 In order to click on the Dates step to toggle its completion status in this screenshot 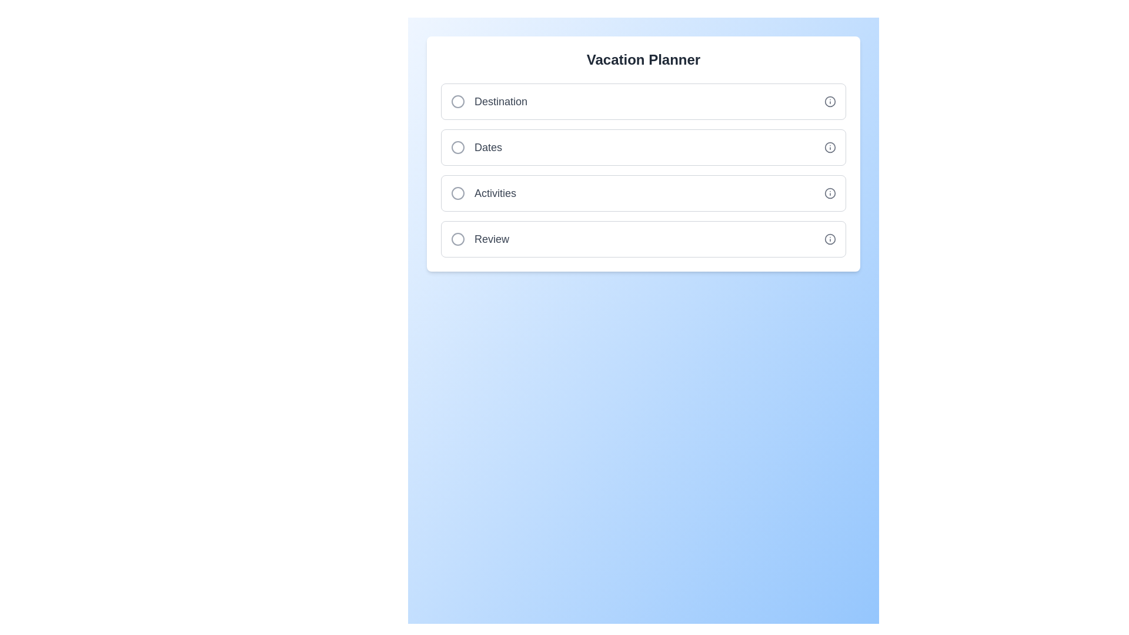, I will do `click(643, 146)`.